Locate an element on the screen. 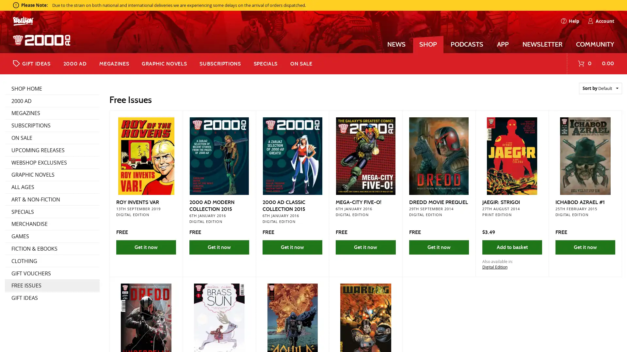  Get it now is located at coordinates (365, 247).